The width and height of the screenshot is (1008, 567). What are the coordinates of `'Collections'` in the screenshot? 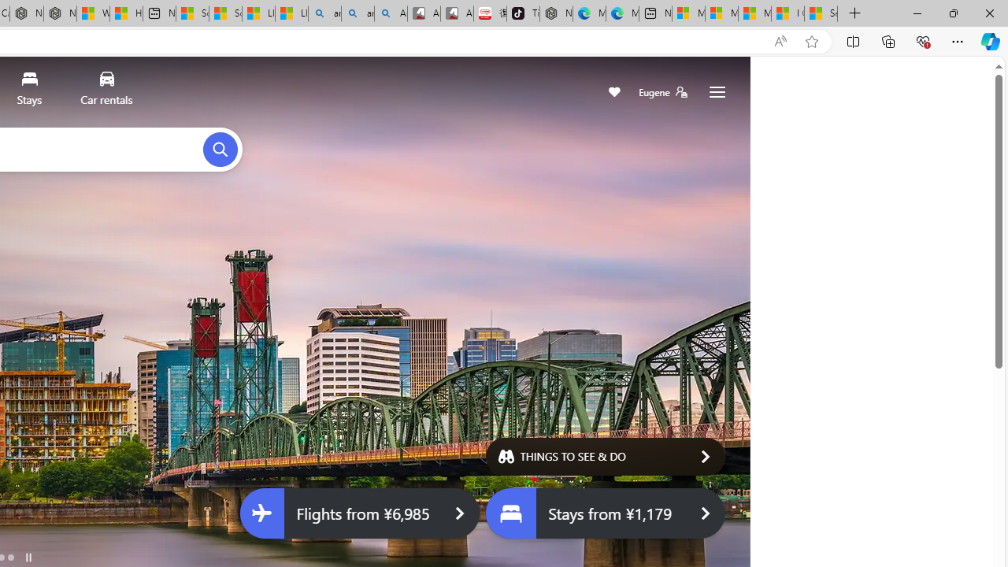 It's located at (888, 40).